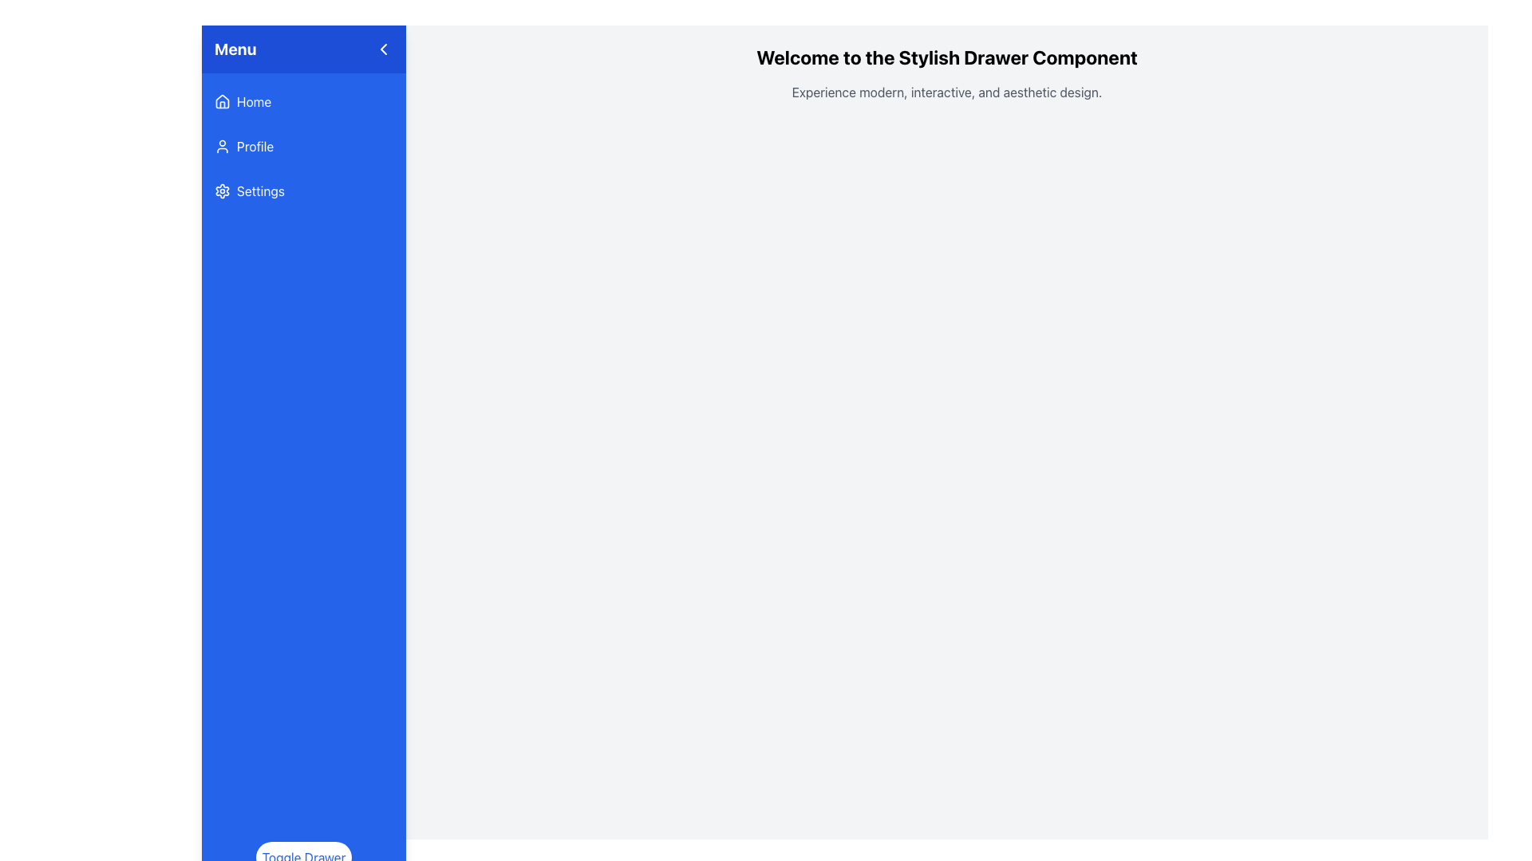 This screenshot has width=1532, height=861. I want to click on the second menu item in the vertical list of menu options in the sidebar, so click(303, 147).